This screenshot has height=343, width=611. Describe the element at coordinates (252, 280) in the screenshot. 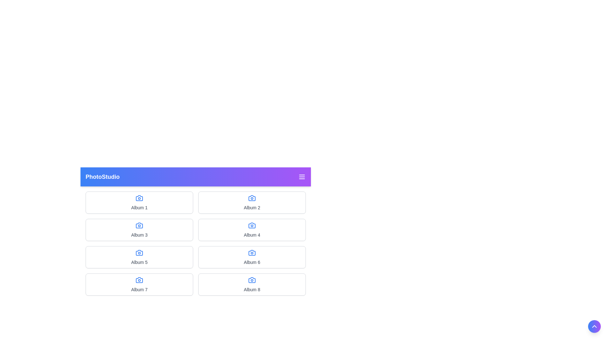

I see `the blue camera icon located above the text 'Album 8' in the bottom-right card of the album grid layout` at that location.